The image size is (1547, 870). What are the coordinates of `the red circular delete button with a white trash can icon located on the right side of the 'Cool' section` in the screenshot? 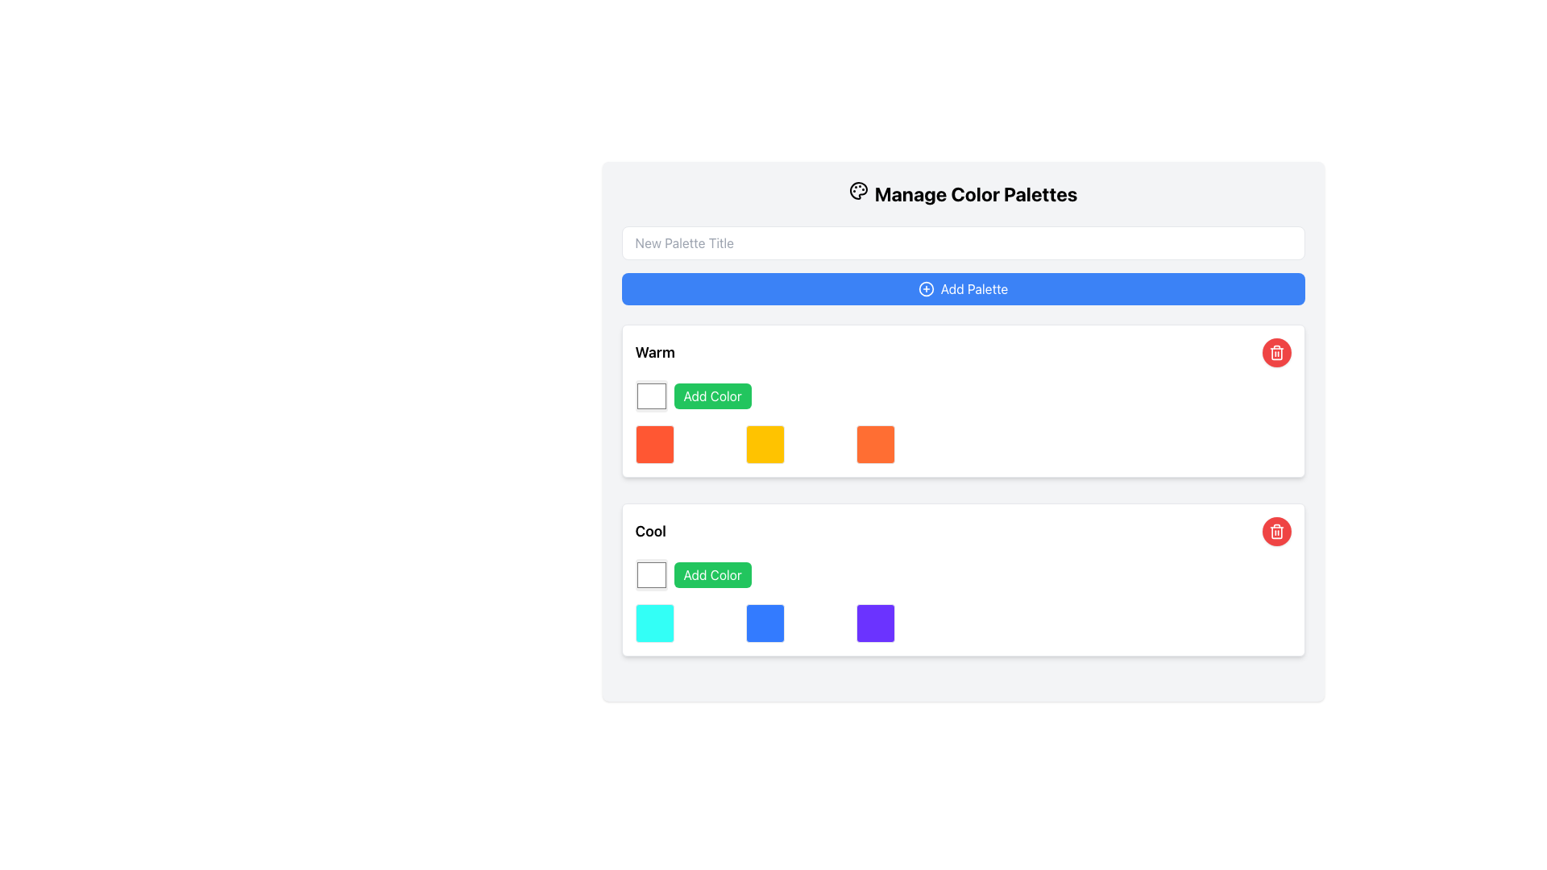 It's located at (1275, 531).